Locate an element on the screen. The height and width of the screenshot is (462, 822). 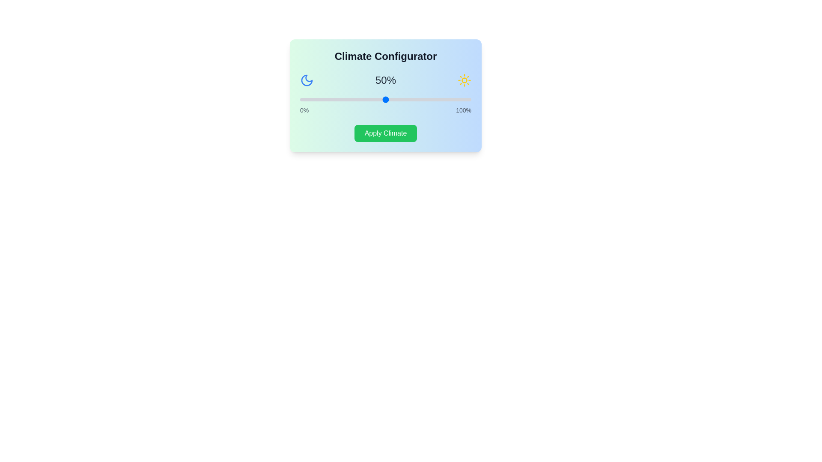
the slider to set the climate percentage to 45 is located at coordinates (377, 99).